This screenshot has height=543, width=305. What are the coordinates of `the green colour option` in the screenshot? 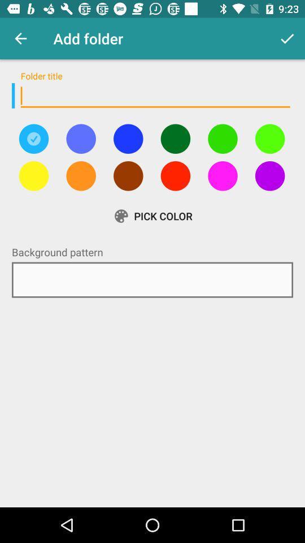 It's located at (175, 138).